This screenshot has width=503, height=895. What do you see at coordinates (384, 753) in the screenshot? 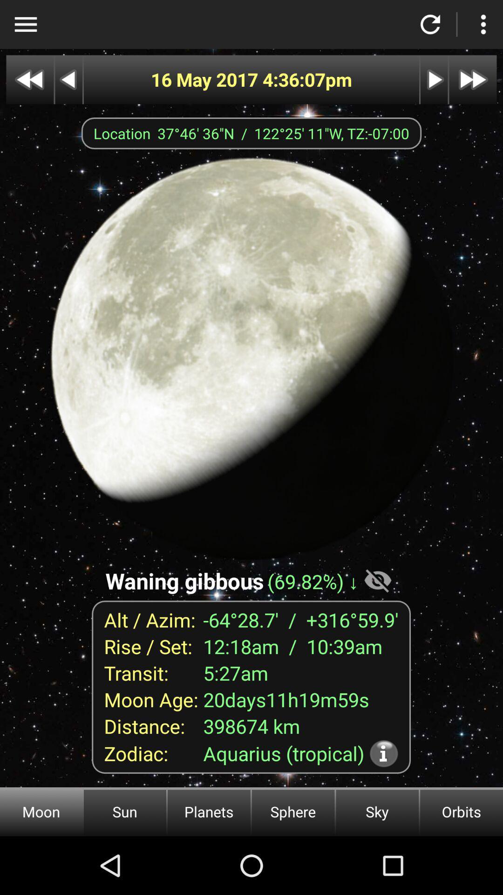
I see `show information` at bounding box center [384, 753].